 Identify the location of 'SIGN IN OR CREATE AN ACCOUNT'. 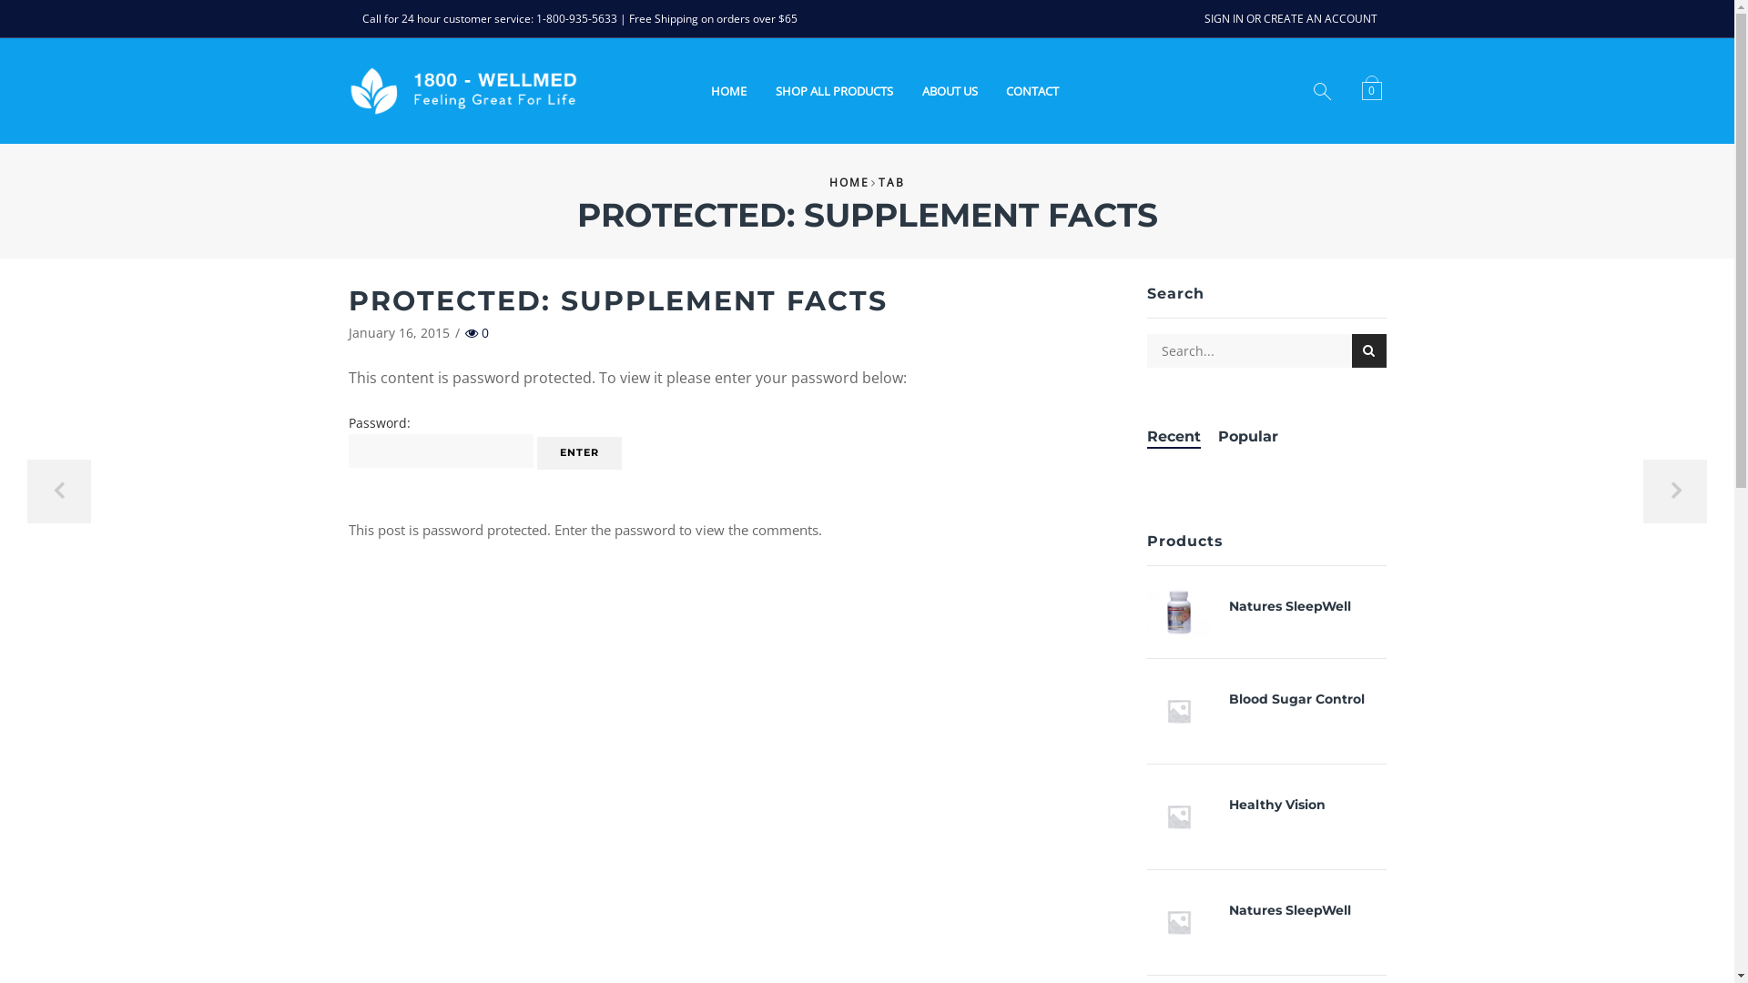
(1288, 18).